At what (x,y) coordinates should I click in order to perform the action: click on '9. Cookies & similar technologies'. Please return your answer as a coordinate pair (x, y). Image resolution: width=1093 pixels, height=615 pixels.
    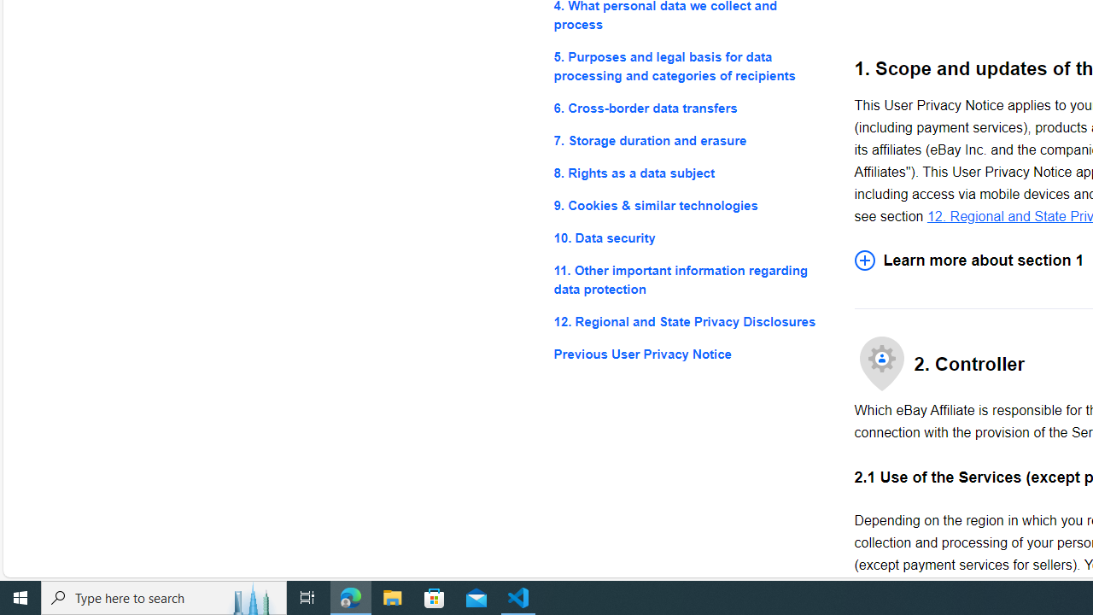
    Looking at the image, I should click on (690, 205).